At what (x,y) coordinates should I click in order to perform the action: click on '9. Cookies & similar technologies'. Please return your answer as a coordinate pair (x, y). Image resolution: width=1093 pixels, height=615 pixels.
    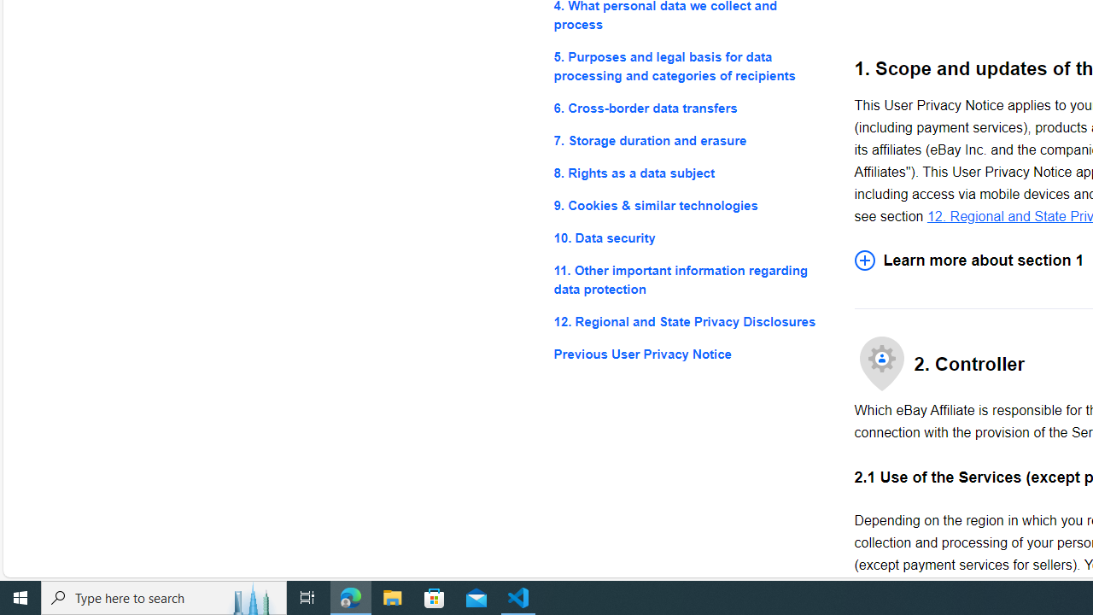
    Looking at the image, I should click on (690, 205).